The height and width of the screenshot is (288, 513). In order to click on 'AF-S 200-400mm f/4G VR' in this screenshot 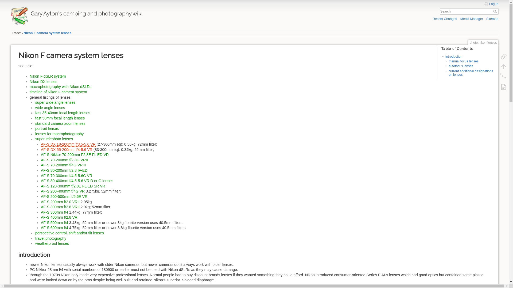, I will do `click(41, 191)`.